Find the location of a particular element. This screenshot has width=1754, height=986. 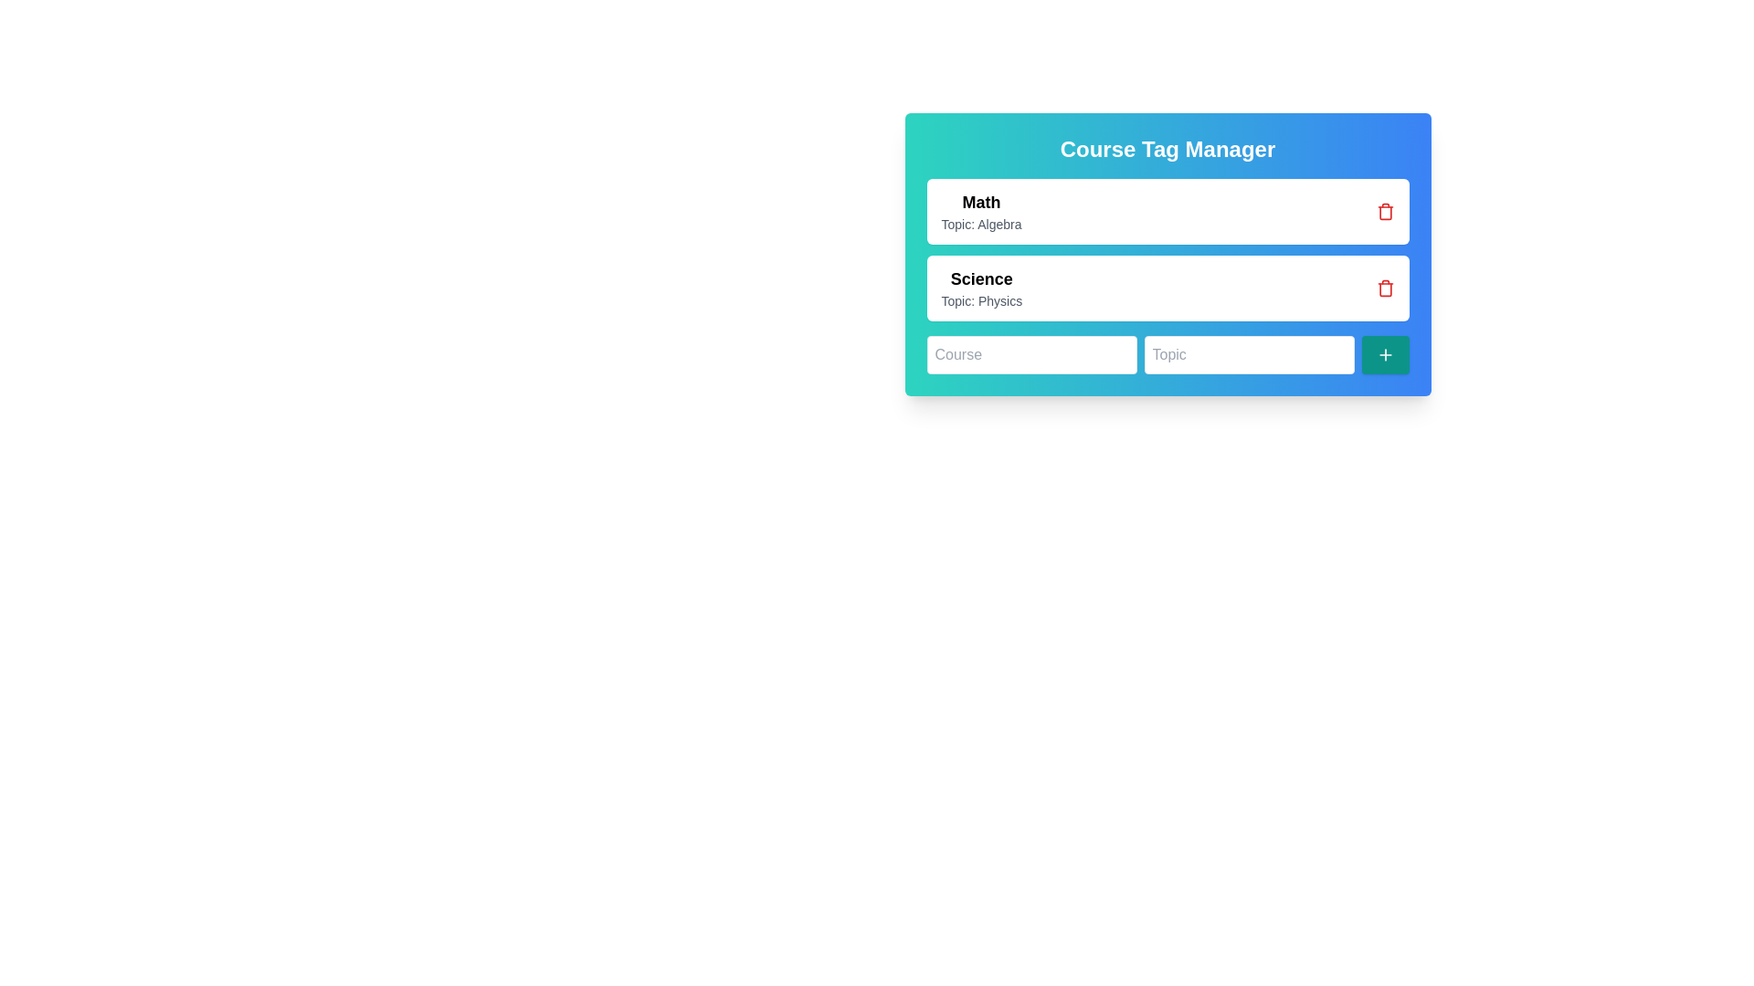

the button with an icon located in the bottom right corner of the teal-colored 'Course Tag Manager' section is located at coordinates (1385, 355).